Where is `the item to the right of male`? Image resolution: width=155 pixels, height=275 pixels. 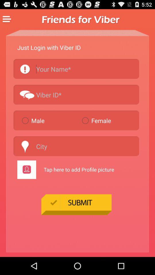 the item to the right of male is located at coordinates (109, 120).